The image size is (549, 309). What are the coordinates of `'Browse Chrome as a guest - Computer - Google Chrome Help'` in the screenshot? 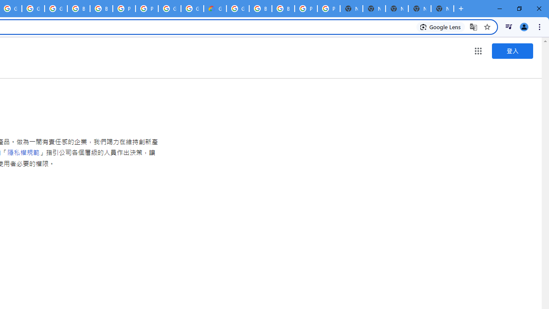 It's located at (78, 9).